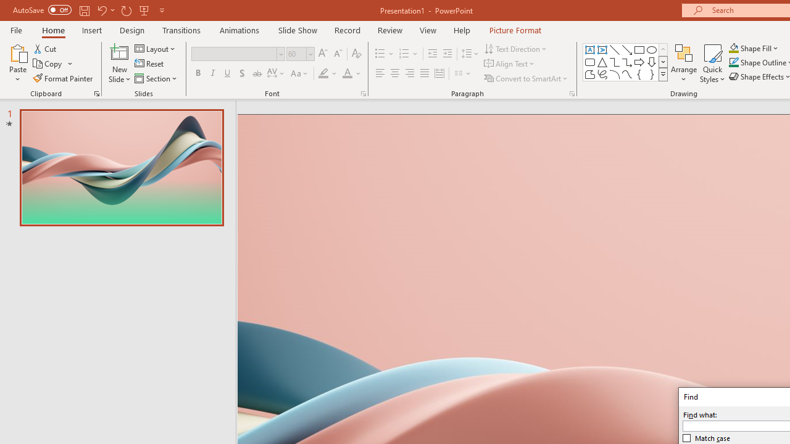  Describe the element at coordinates (639, 49) in the screenshot. I see `'Rectangle'` at that location.